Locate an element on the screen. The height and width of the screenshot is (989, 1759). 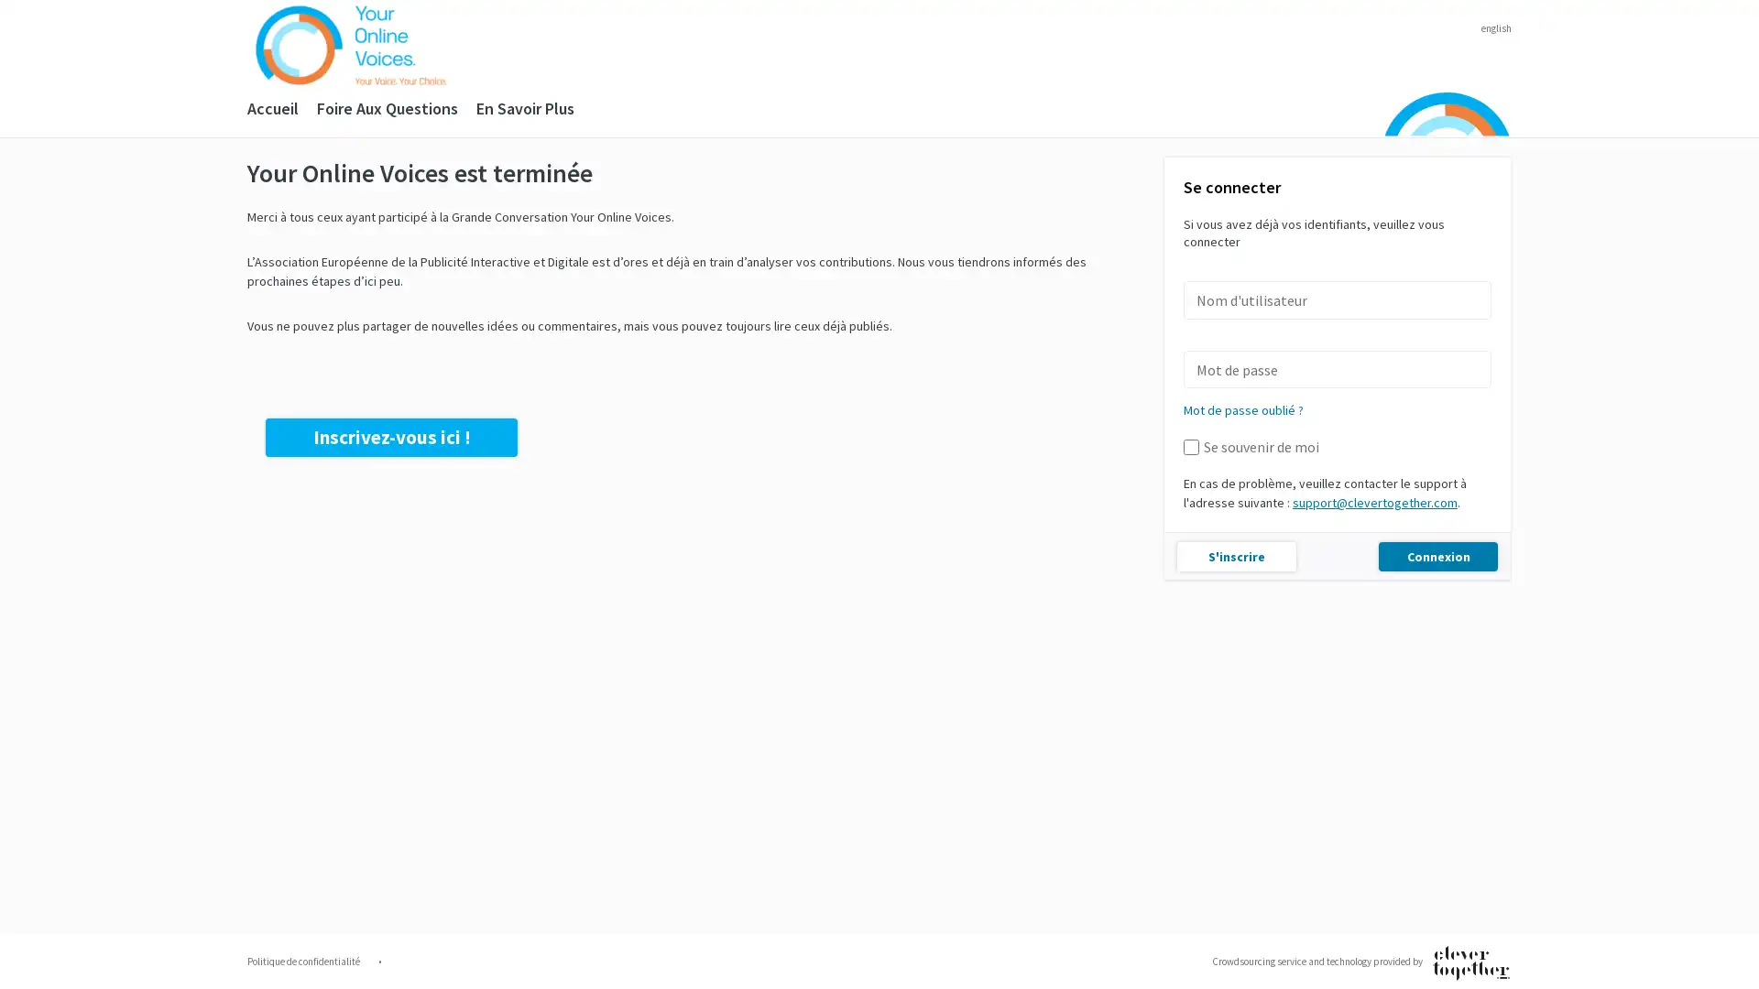
Mot de passe oublie ? is located at coordinates (1243, 408).